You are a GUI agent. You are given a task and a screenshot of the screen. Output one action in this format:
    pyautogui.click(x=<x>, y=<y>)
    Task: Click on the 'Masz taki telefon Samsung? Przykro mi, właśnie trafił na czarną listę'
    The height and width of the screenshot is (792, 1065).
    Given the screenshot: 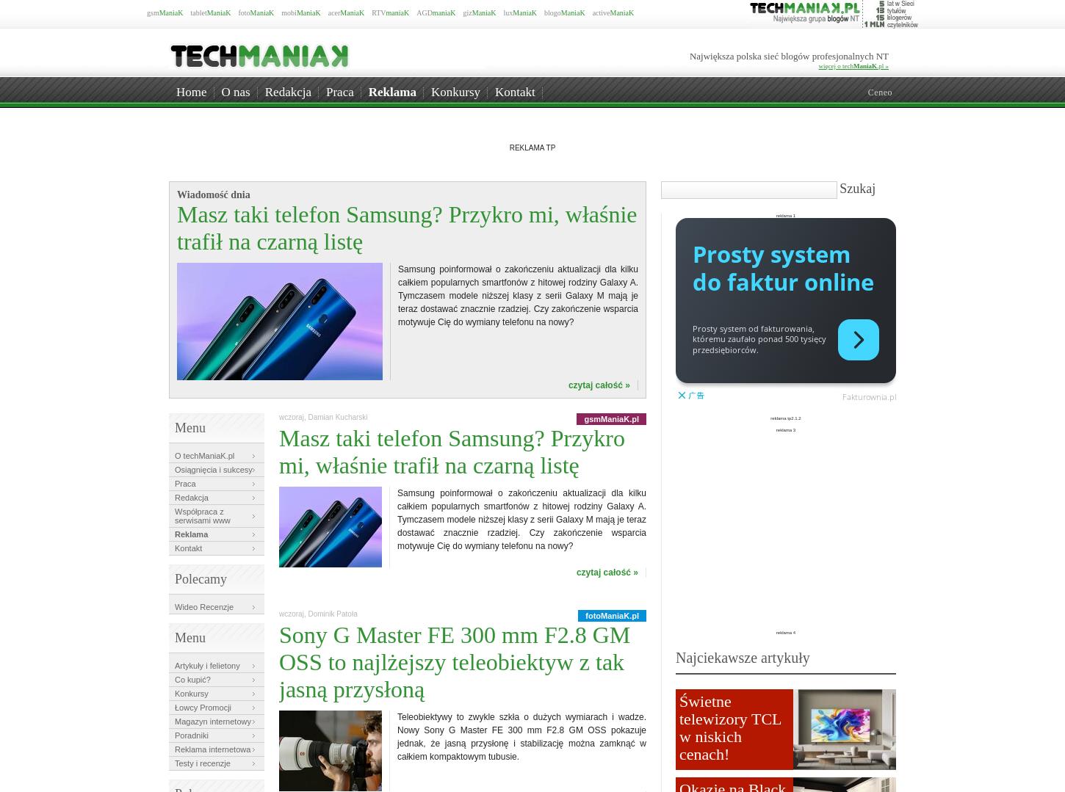 What is the action you would take?
    pyautogui.click(x=407, y=227)
    